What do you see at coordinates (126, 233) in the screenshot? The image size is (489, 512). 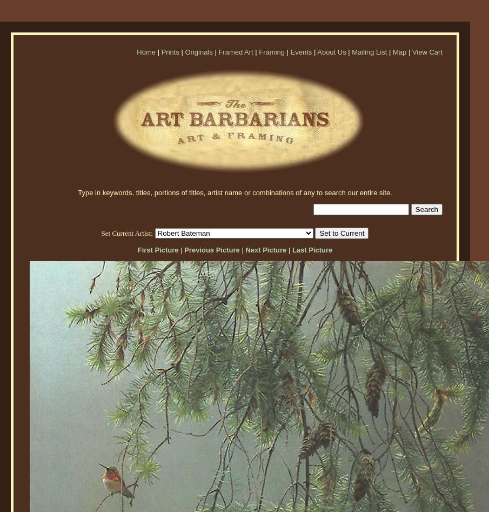 I see `'Set Current Artist:'` at bounding box center [126, 233].